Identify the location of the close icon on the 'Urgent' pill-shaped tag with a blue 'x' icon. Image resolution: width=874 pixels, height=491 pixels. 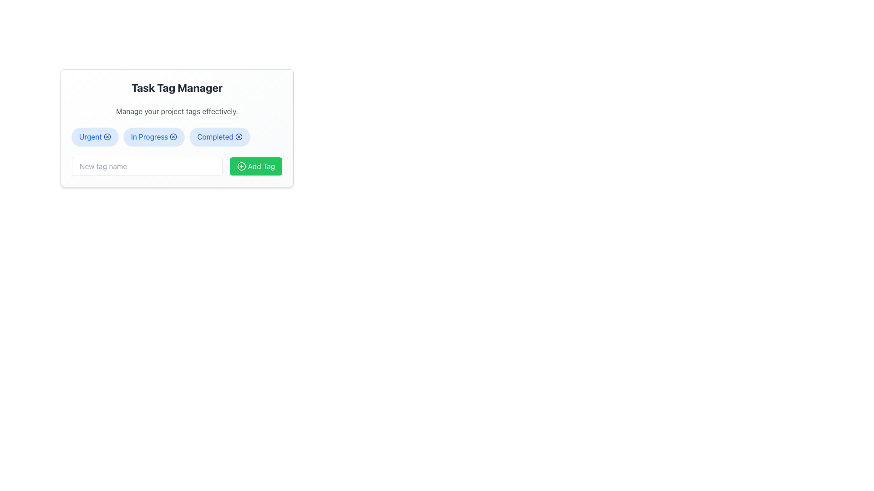
(95, 136).